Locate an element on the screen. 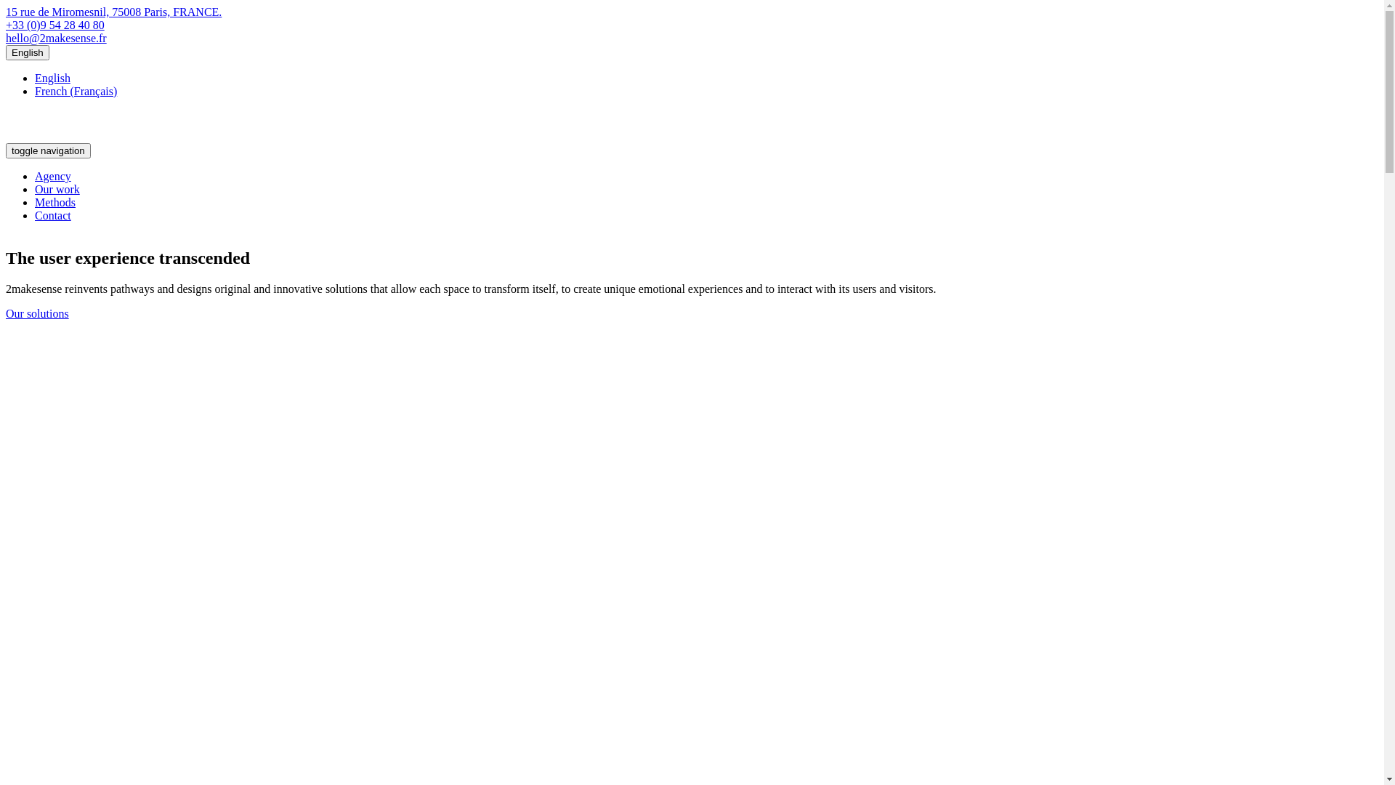 The image size is (1395, 785). 'Contact' is located at coordinates (52, 215).